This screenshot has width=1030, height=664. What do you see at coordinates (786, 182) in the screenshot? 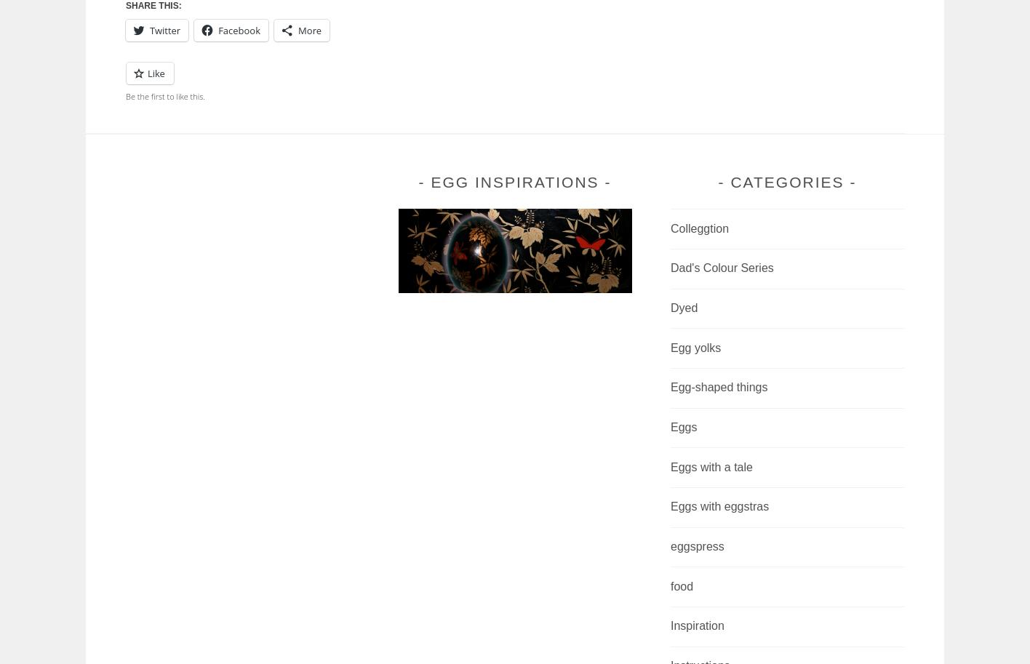
I see `'Categories'` at bounding box center [786, 182].